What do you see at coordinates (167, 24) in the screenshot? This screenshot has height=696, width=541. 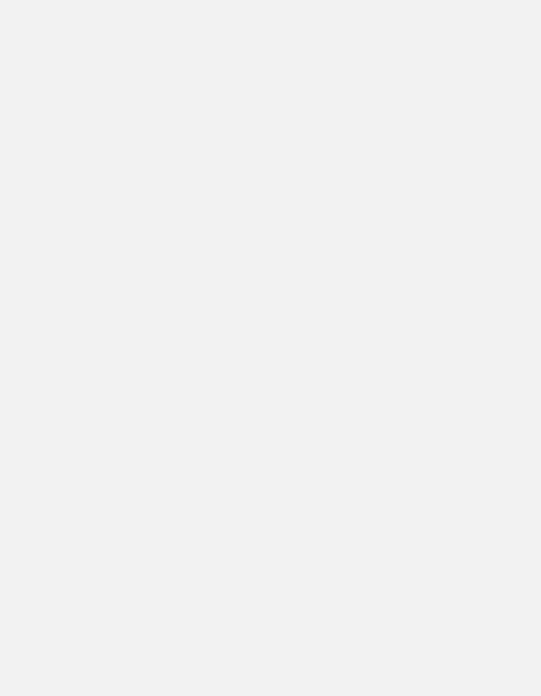 I see `'Tottenham U23 live scored'` at bounding box center [167, 24].